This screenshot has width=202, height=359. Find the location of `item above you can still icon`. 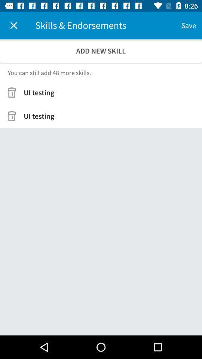

item above you can still icon is located at coordinates (101, 50).